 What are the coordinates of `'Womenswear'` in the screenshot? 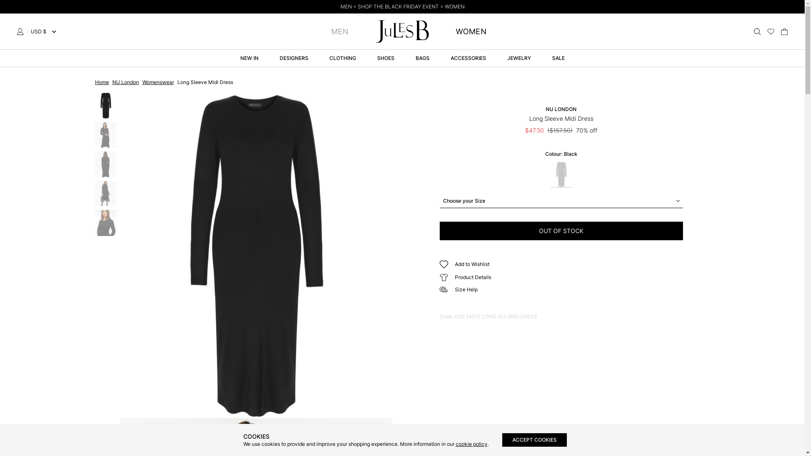 It's located at (158, 82).